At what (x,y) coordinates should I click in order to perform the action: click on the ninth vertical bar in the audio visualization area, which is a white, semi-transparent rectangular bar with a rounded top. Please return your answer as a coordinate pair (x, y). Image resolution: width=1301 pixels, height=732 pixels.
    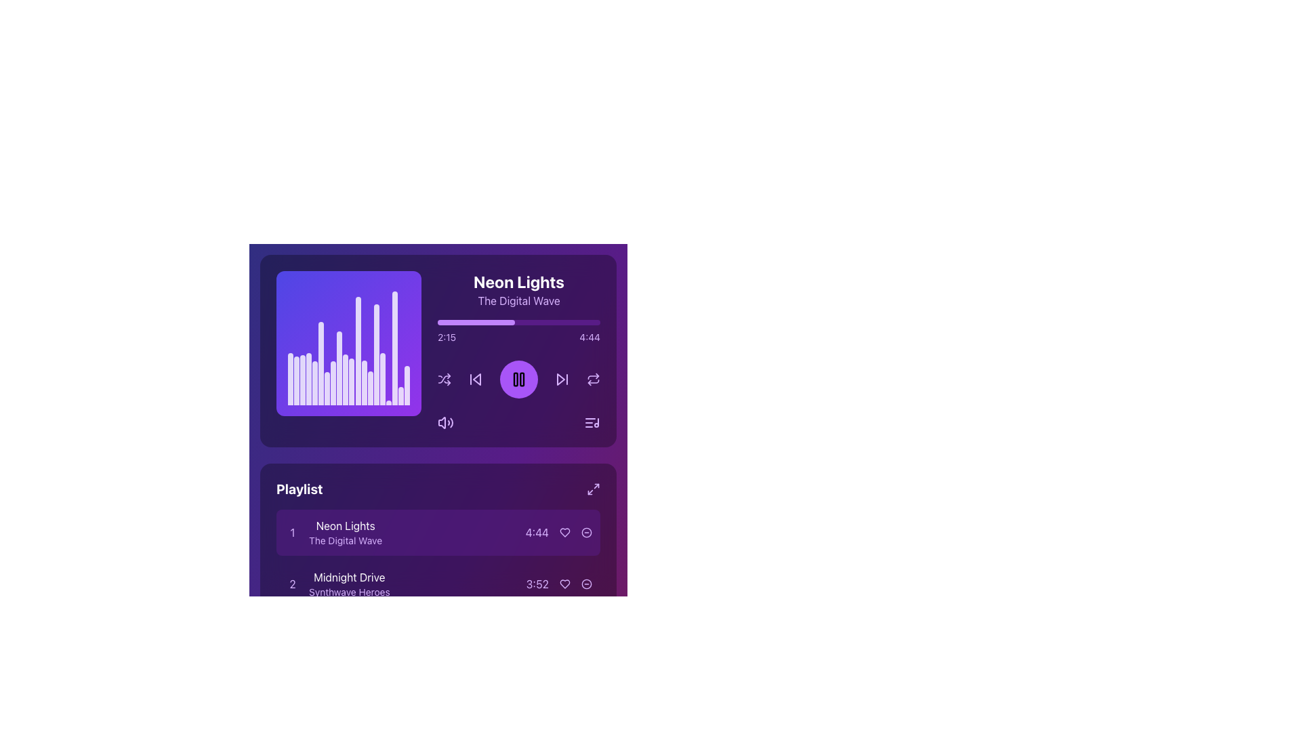
    Looking at the image, I should click on (339, 368).